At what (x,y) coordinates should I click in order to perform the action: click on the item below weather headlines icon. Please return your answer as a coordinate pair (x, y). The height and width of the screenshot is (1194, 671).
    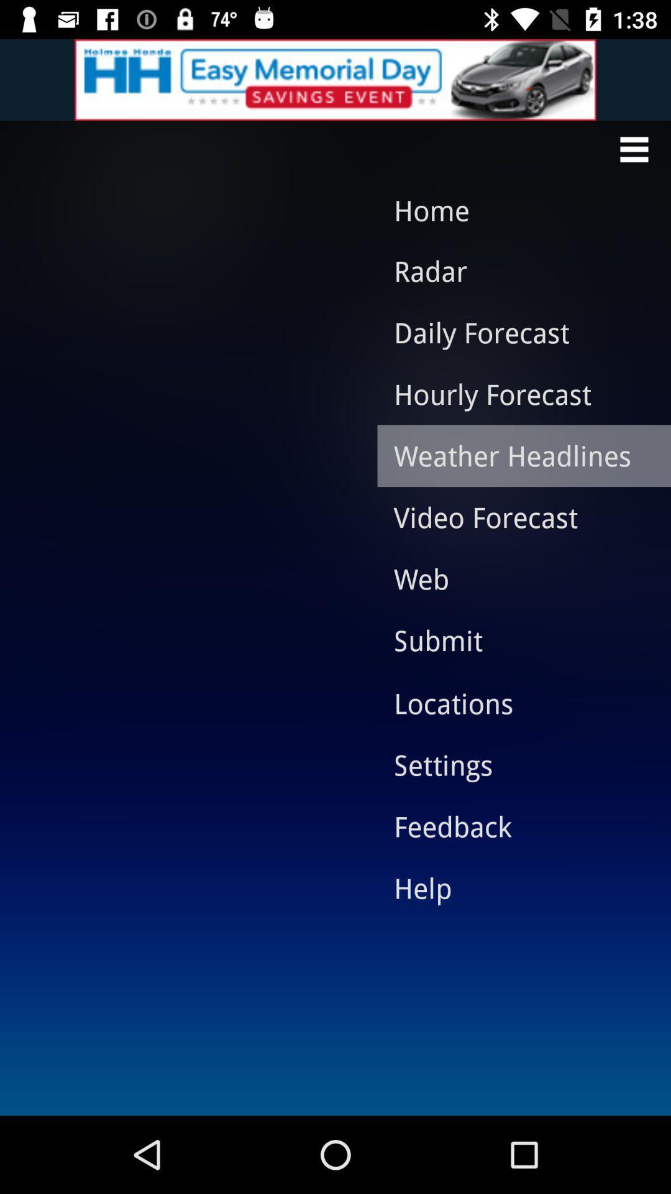
    Looking at the image, I should click on (514, 517).